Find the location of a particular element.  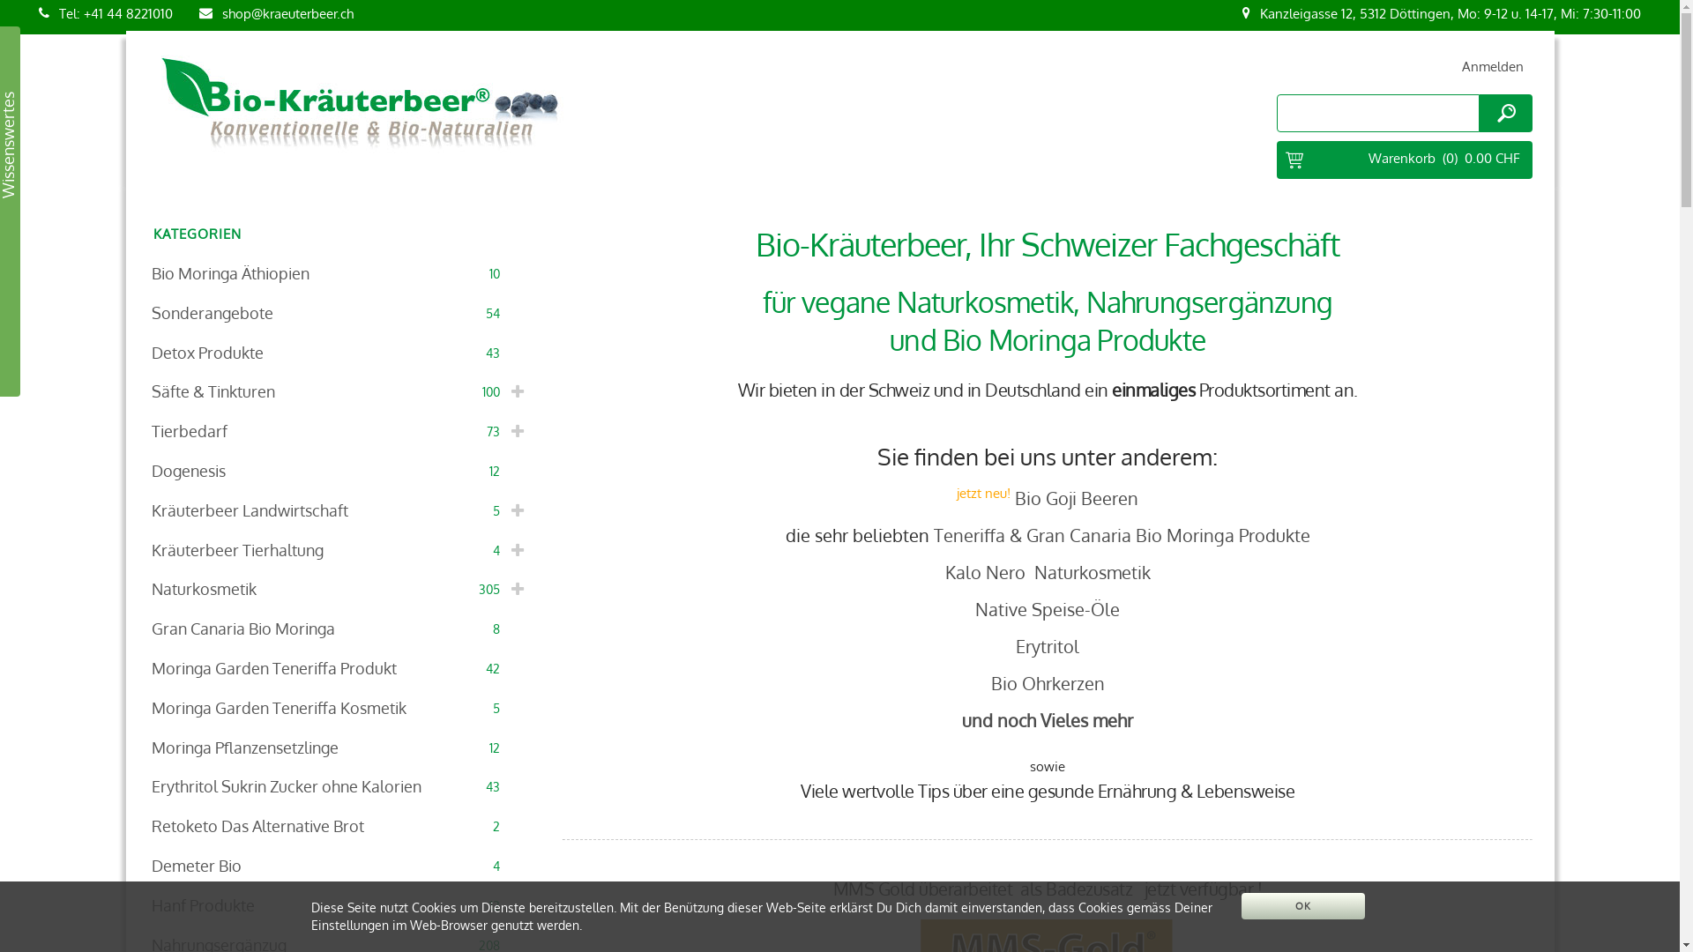

'Hanf Produkte is located at coordinates (341, 905).